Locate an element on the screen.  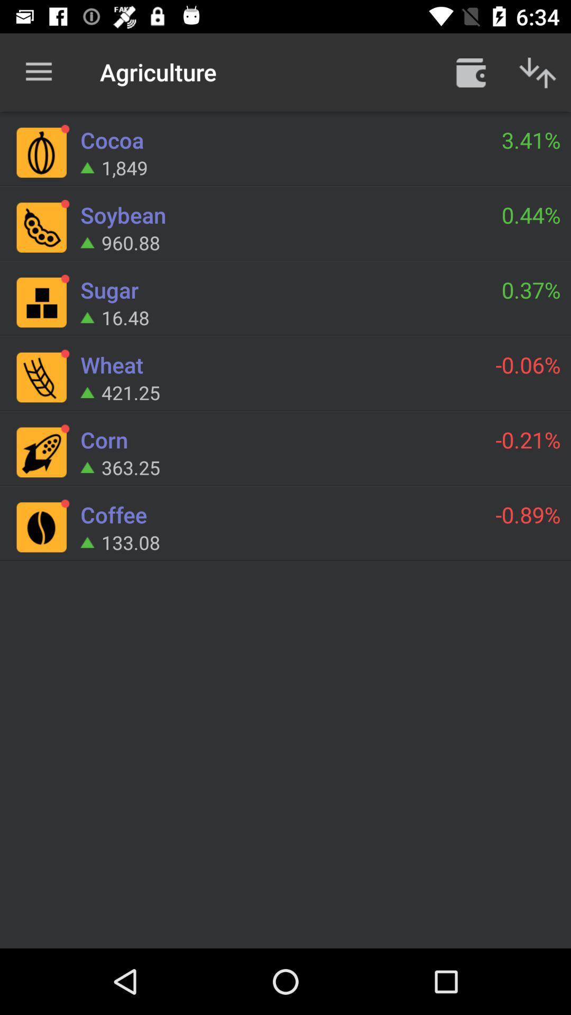
sort ratings is located at coordinates (538, 71).